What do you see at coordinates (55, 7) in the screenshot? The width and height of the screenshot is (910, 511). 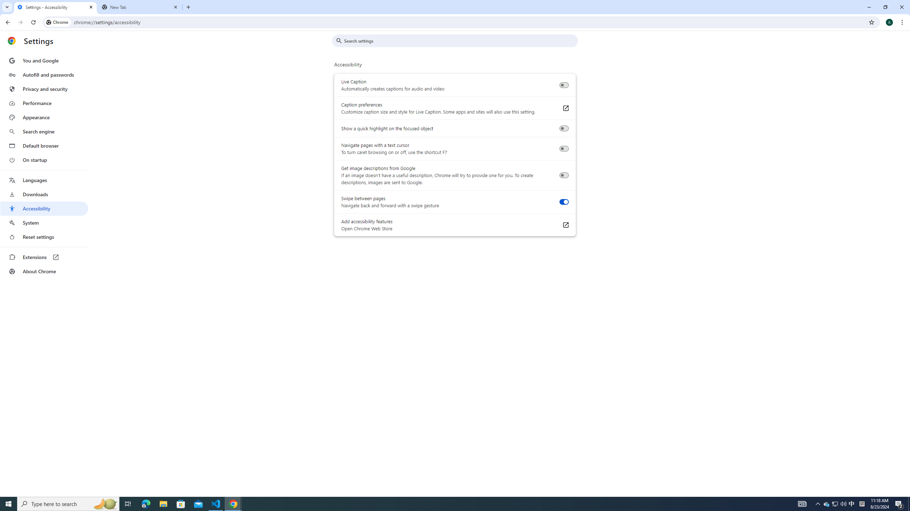 I see `'Settings - Accessibility'` at bounding box center [55, 7].